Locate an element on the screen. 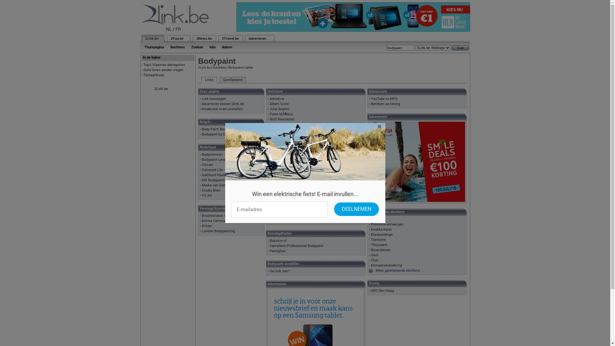 The width and height of the screenshot is (615, 346). 'Paintglow' is located at coordinates (277, 251).